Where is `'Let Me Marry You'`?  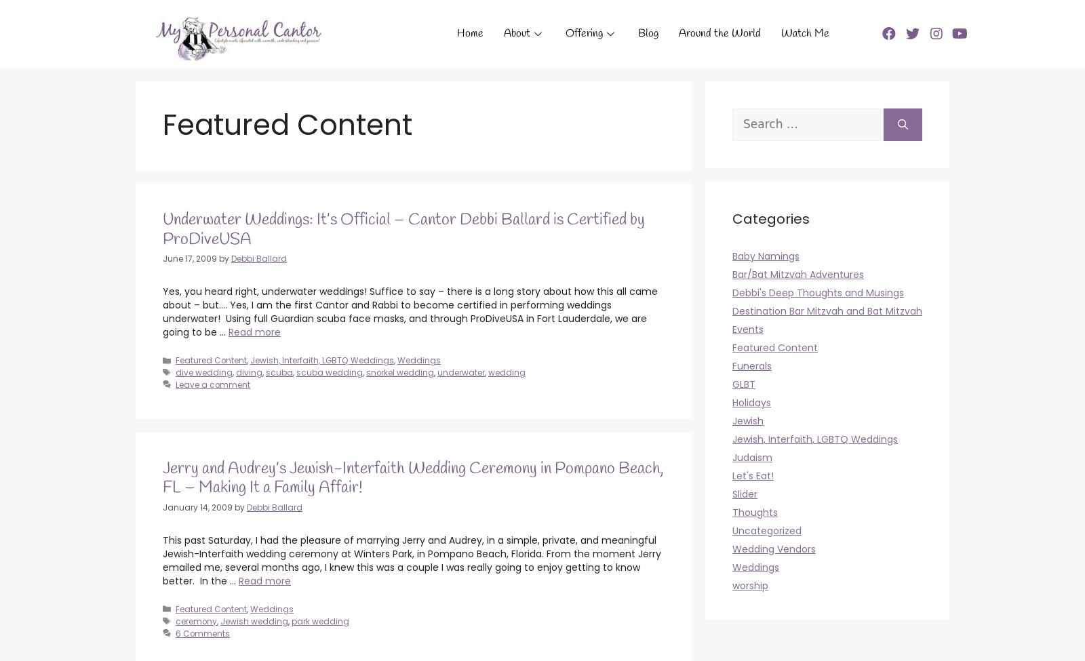
'Let Me Marry You' is located at coordinates (406, 71).